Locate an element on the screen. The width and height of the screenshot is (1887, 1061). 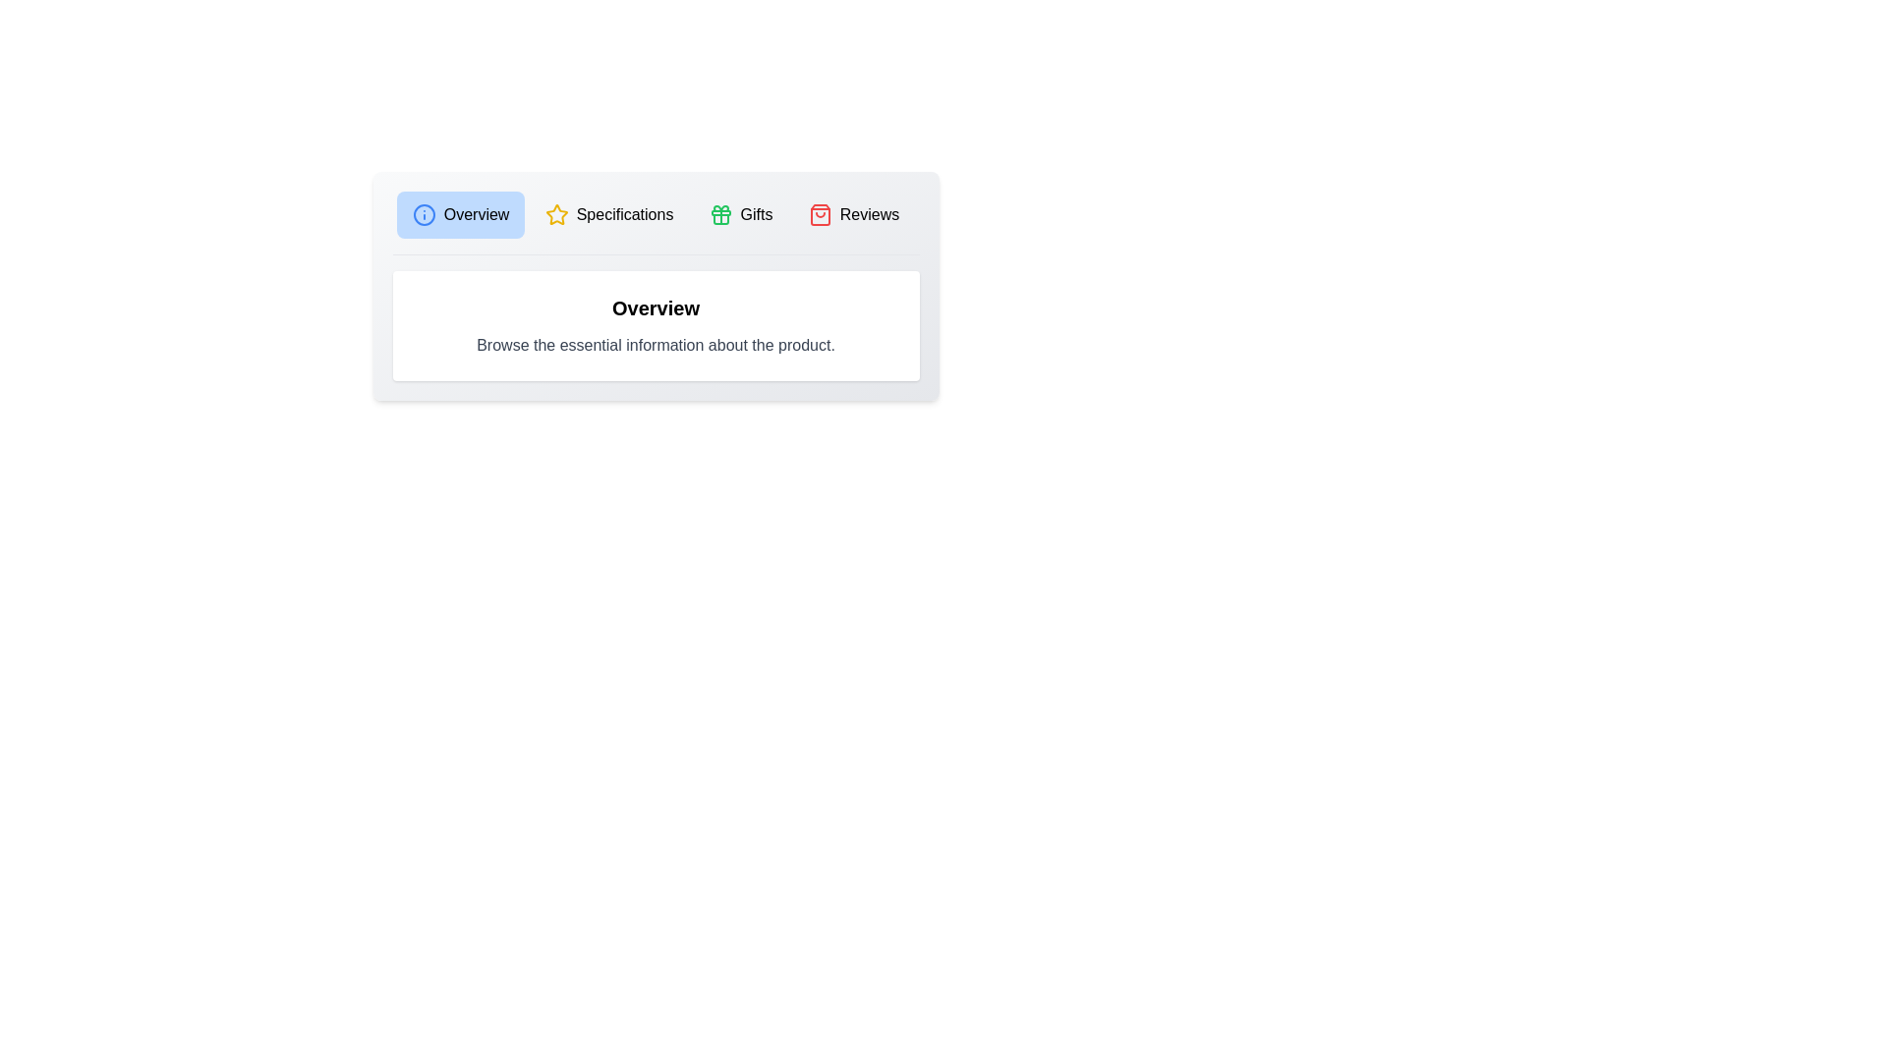
the tab labeled Gifts to observe the transition effect is located at coordinates (739, 215).